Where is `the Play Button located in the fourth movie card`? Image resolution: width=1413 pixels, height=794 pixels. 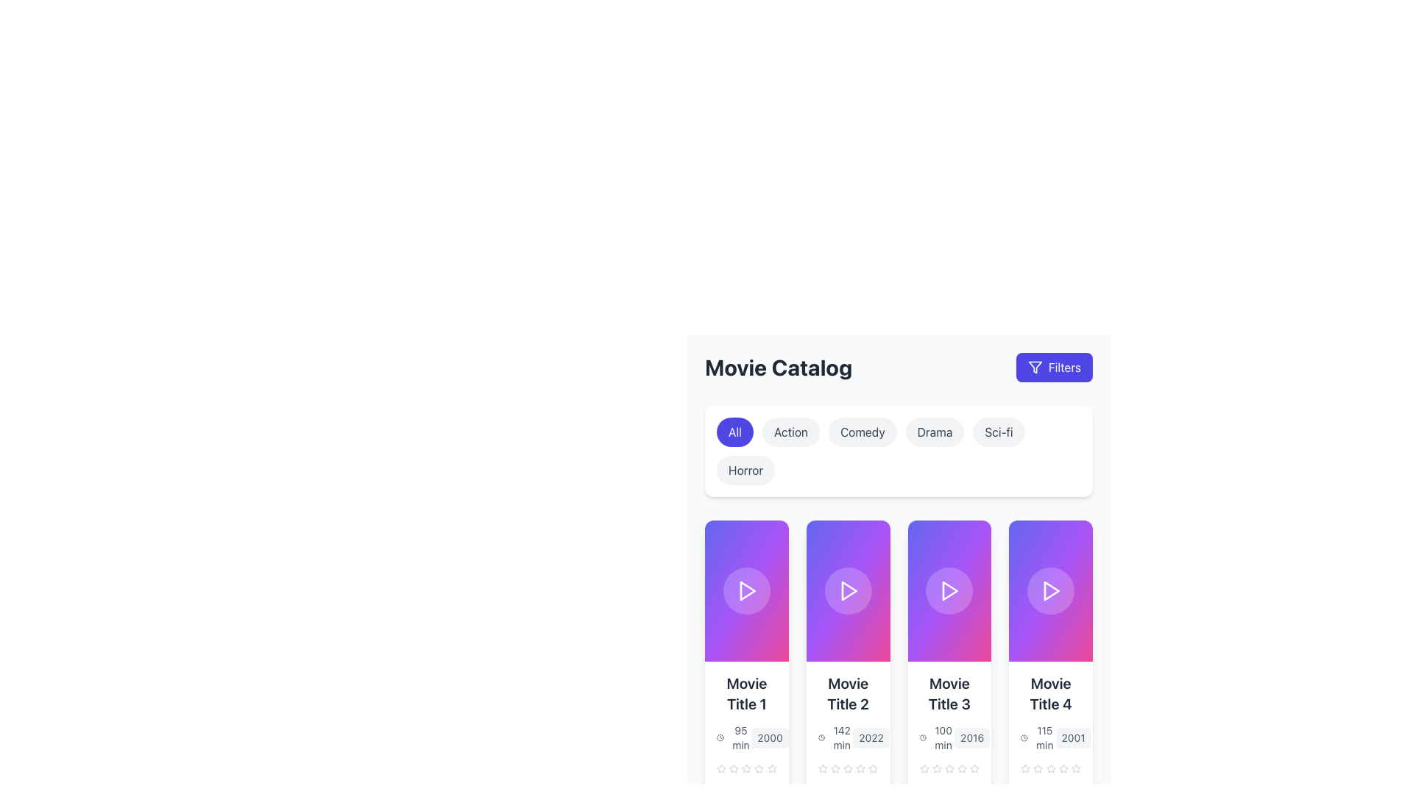 the Play Button located in the fourth movie card is located at coordinates (1051, 590).